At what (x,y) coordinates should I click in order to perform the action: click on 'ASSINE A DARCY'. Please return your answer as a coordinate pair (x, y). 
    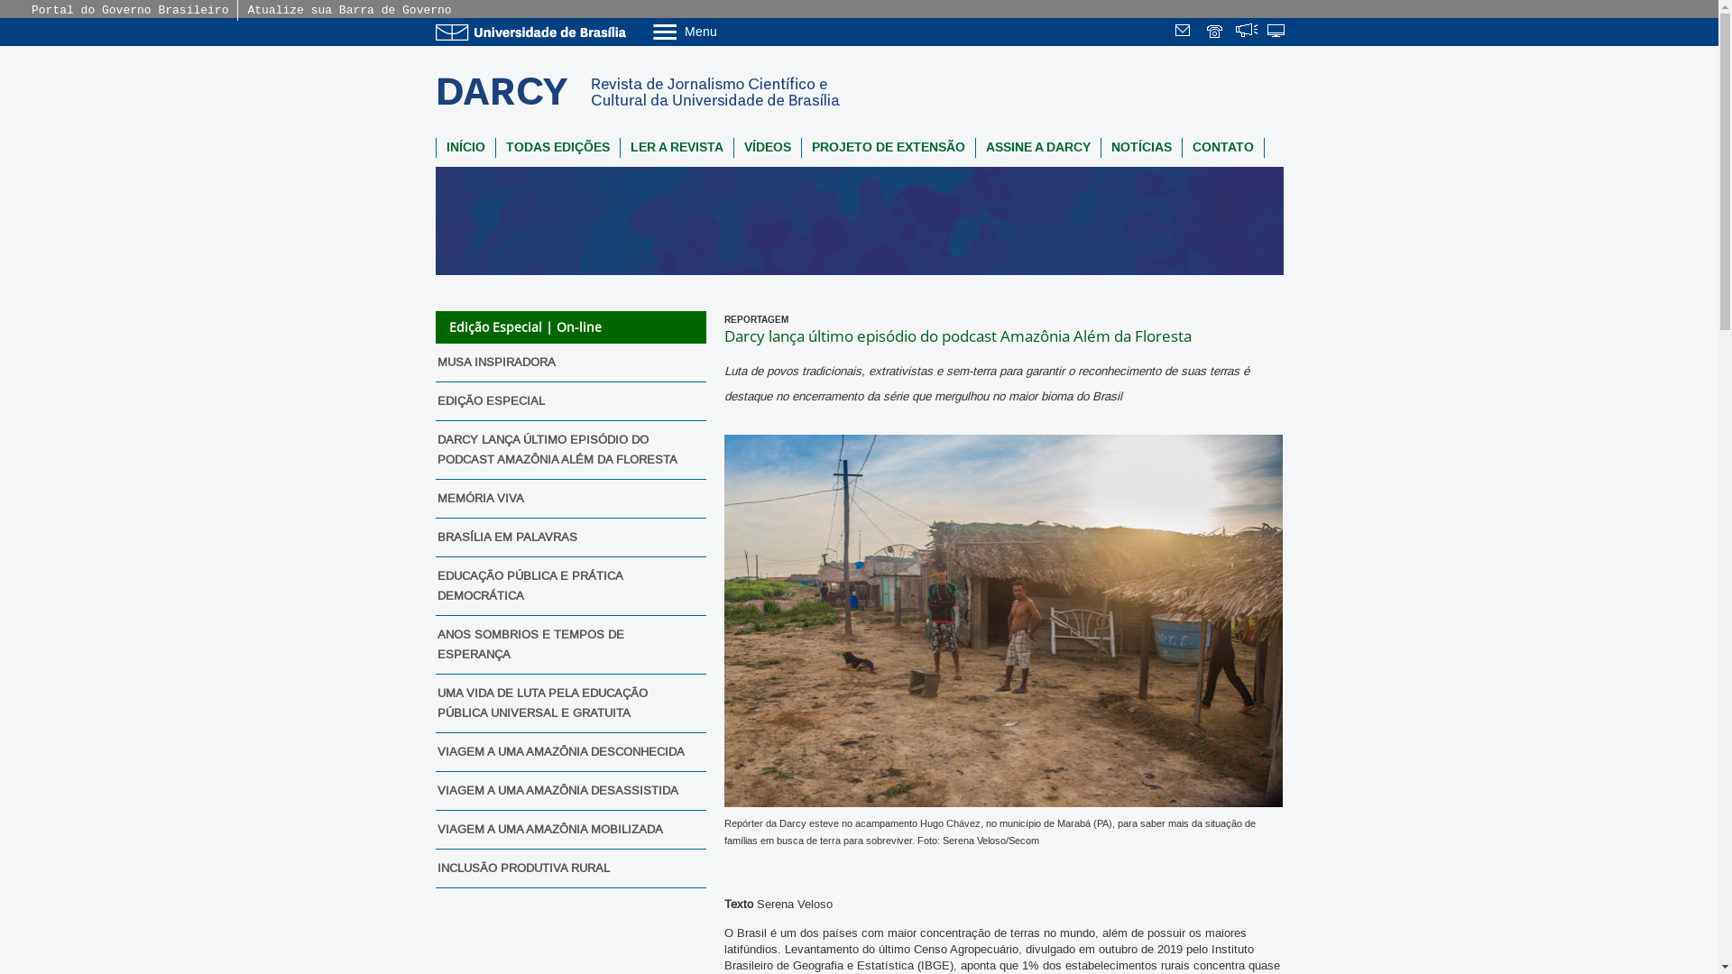
    Looking at the image, I should click on (974, 147).